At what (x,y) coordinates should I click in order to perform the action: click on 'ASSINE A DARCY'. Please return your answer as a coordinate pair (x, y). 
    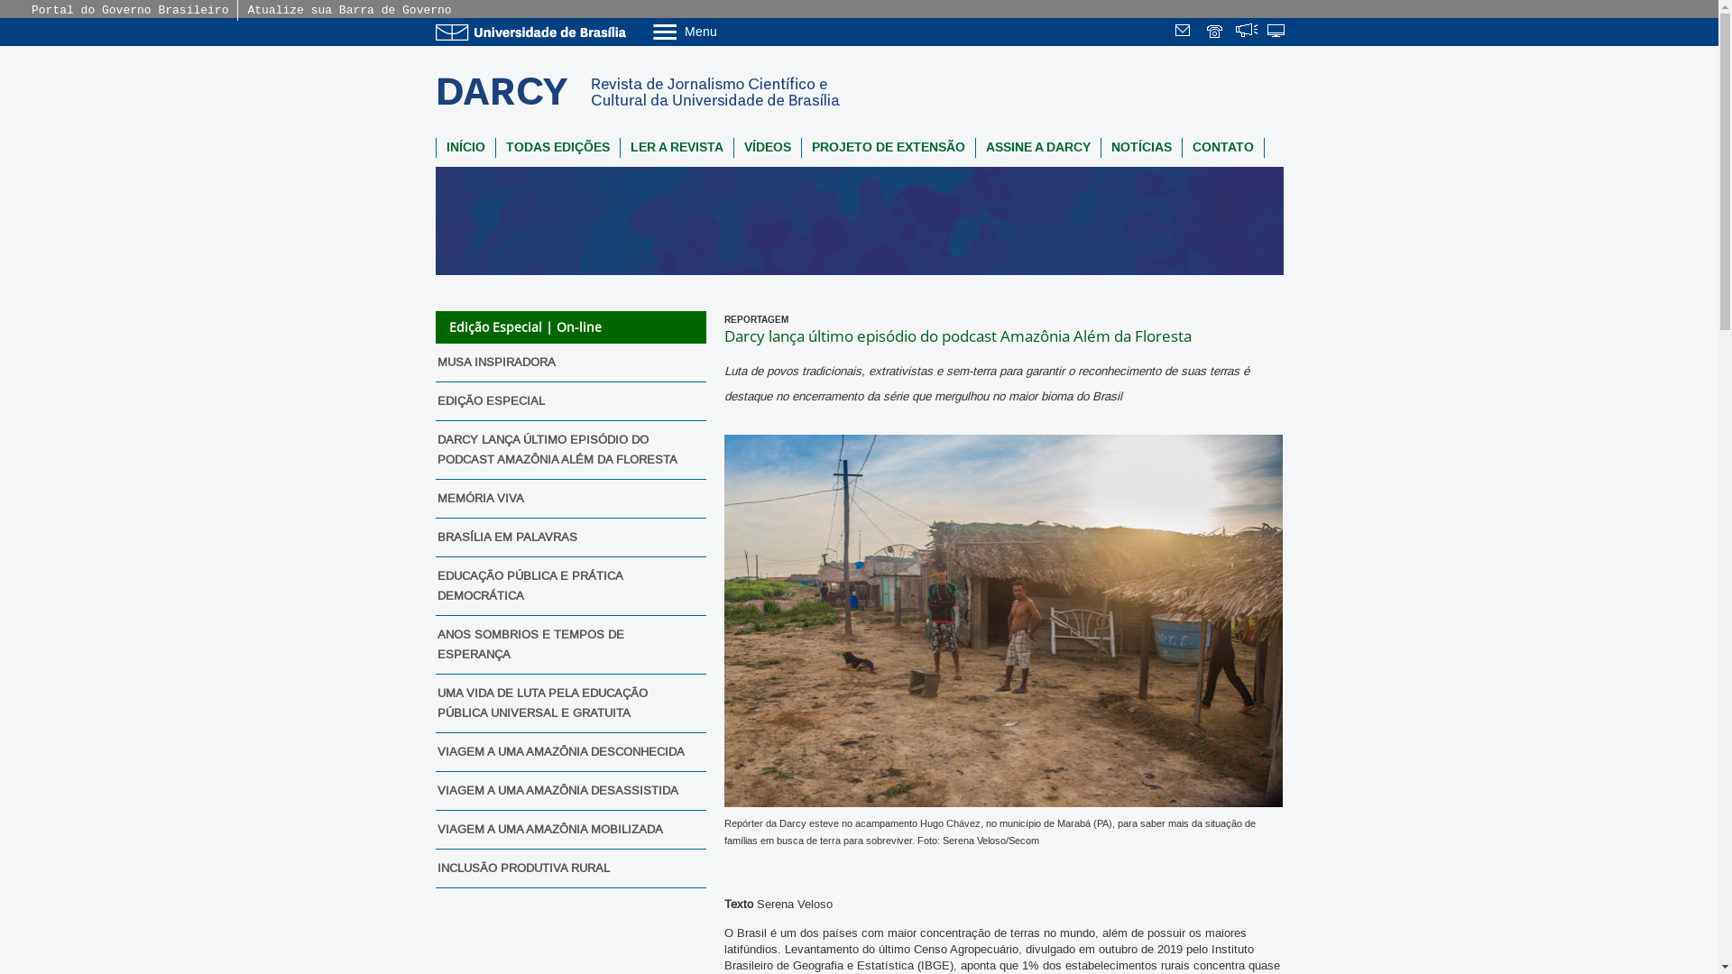
    Looking at the image, I should click on (974, 147).